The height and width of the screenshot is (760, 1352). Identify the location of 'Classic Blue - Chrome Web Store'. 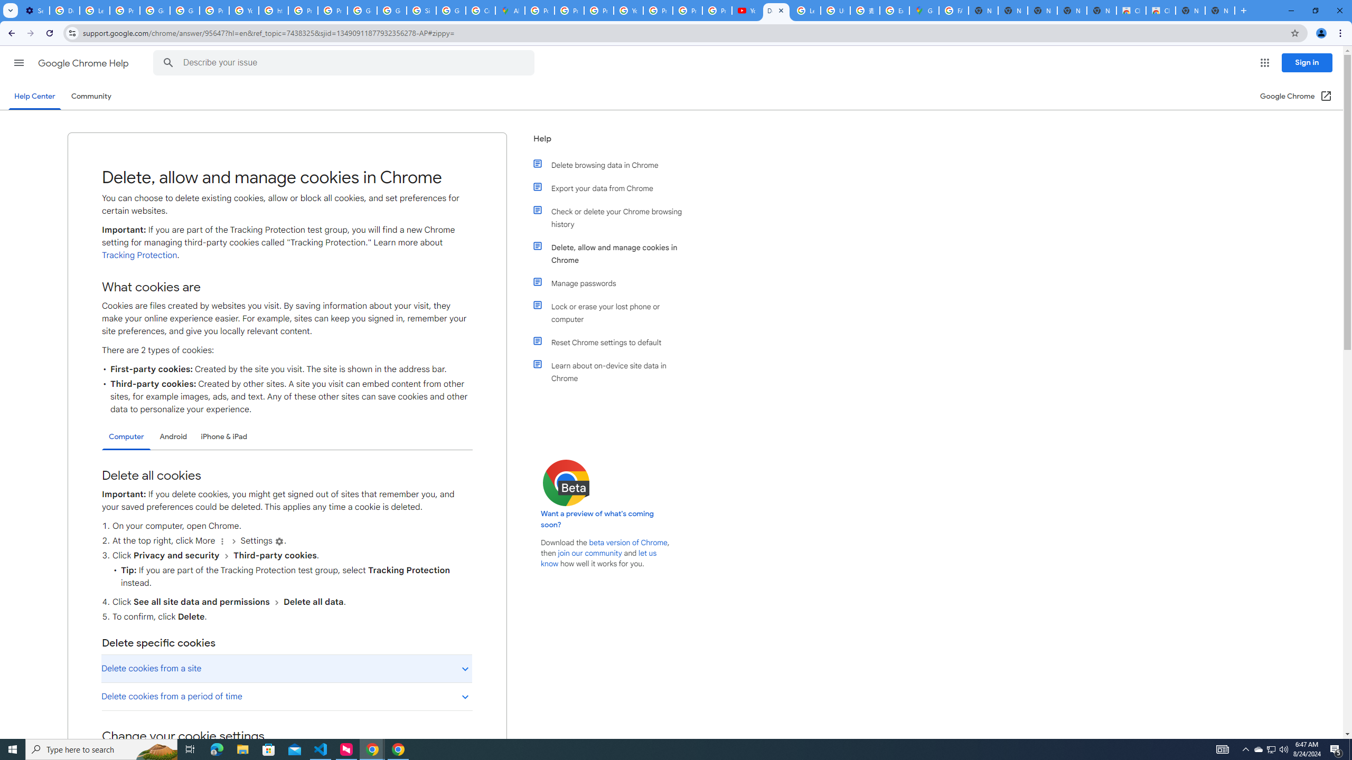
(1130, 10).